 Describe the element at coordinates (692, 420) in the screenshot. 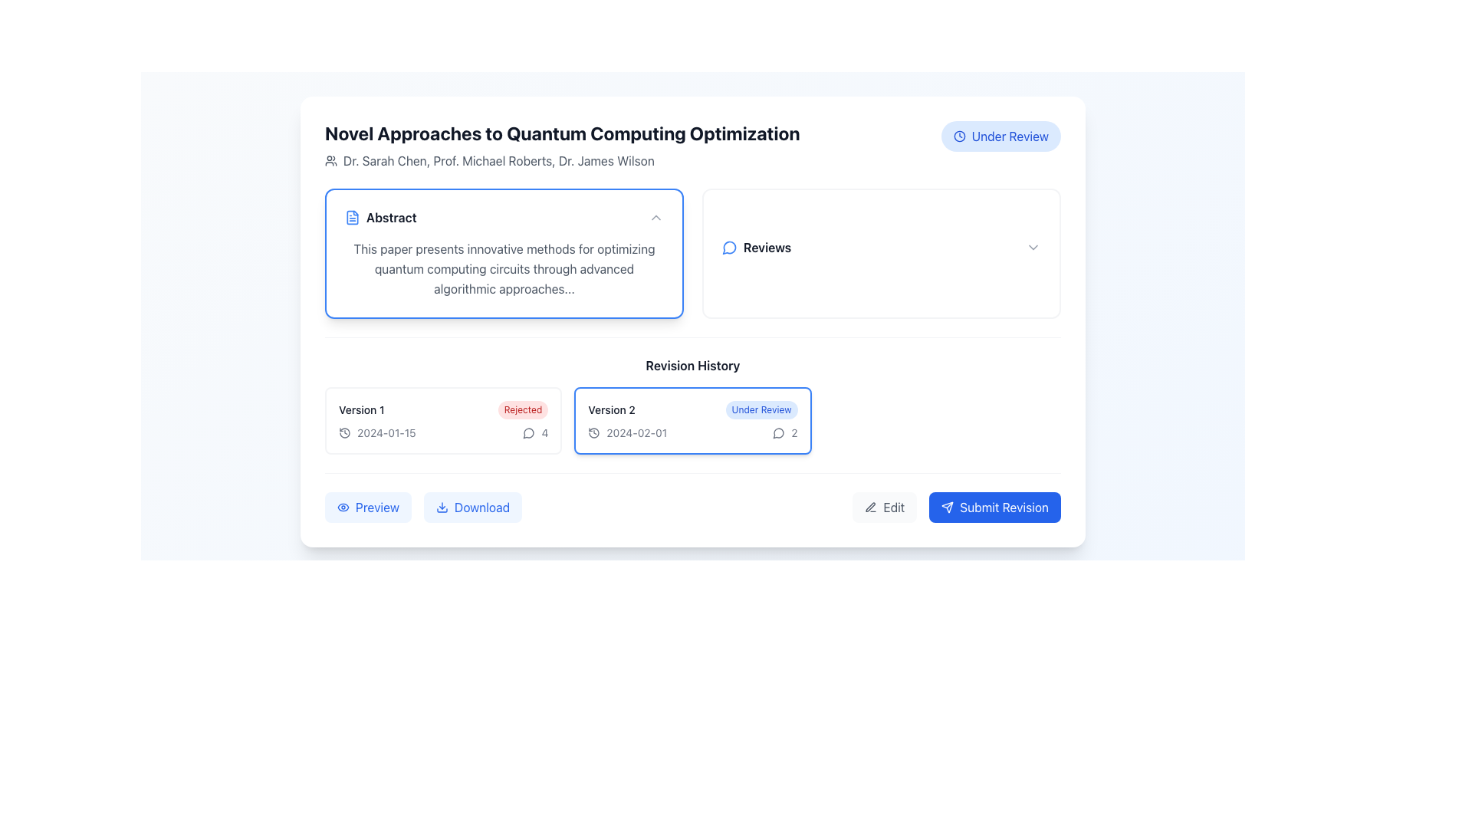

I see `the second version information card in the 'Revision History' section` at that location.